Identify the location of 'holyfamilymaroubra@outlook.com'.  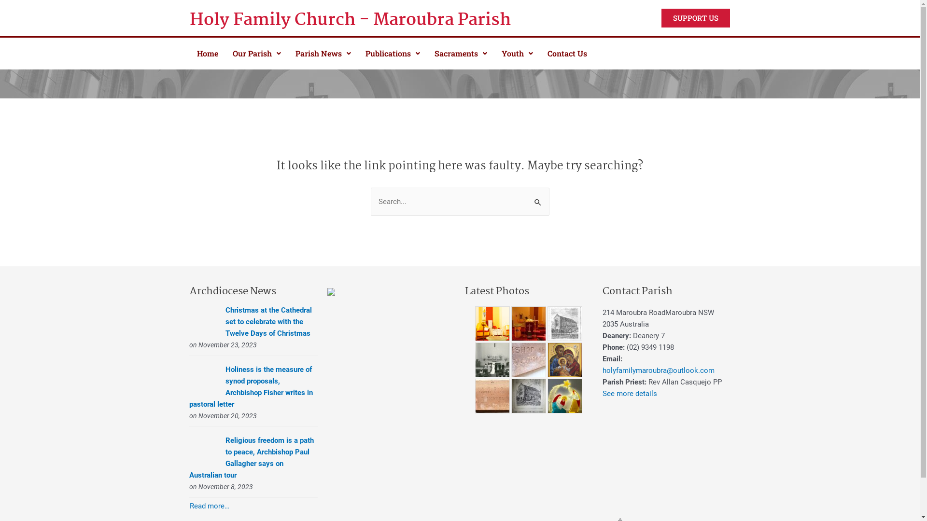
(658, 370).